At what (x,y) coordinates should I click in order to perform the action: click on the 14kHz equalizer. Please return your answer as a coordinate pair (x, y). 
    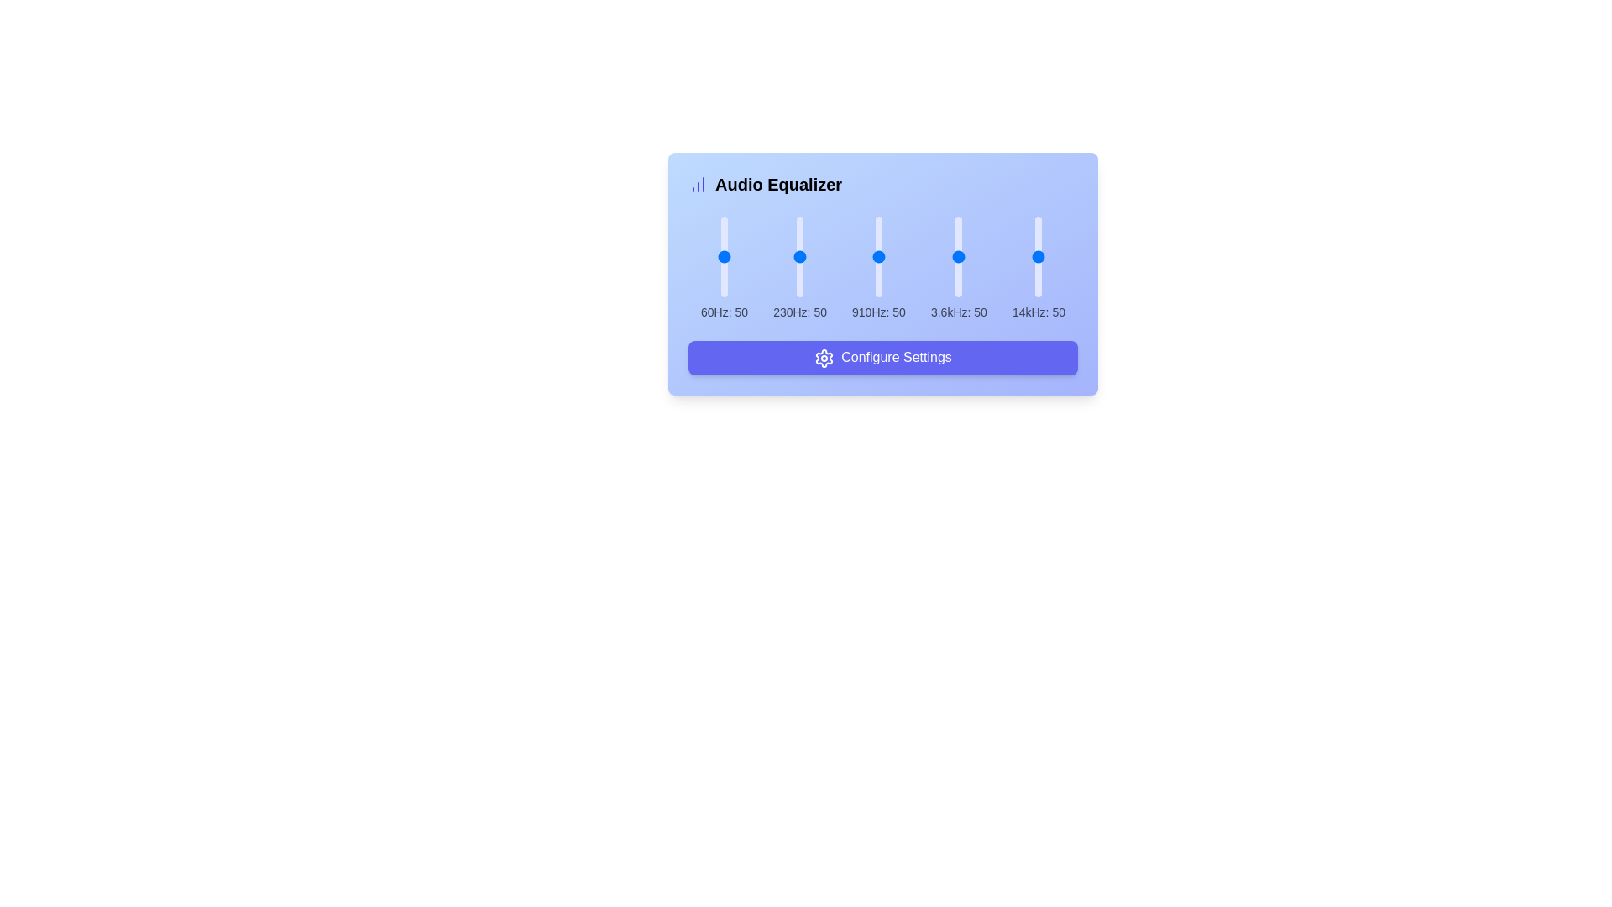
    Looking at the image, I should click on (1038, 237).